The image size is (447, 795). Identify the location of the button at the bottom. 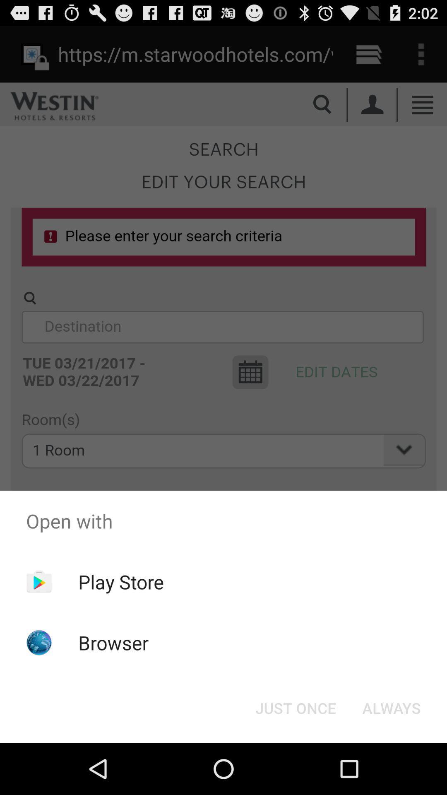
(295, 707).